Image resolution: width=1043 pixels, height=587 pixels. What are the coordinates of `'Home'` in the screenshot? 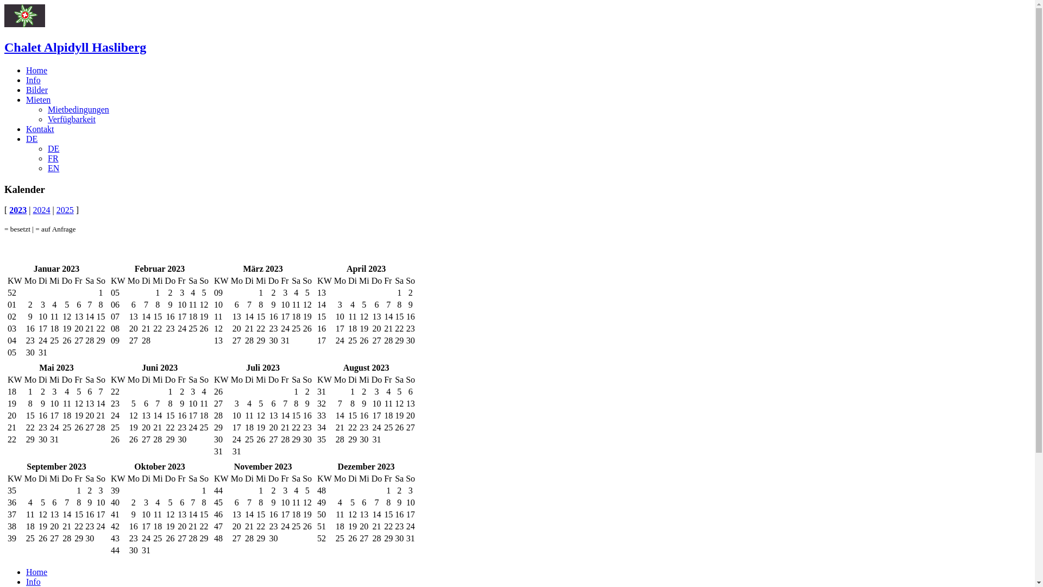 It's located at (36, 571).